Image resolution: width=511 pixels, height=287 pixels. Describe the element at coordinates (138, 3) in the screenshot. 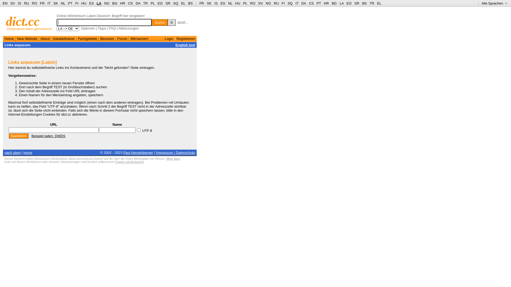

I see `'DA'` at that location.